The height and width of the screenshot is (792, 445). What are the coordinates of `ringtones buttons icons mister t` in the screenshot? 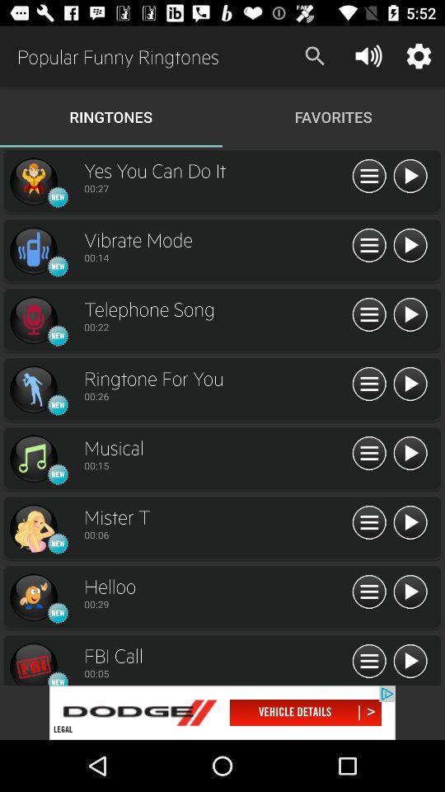 It's located at (369, 522).